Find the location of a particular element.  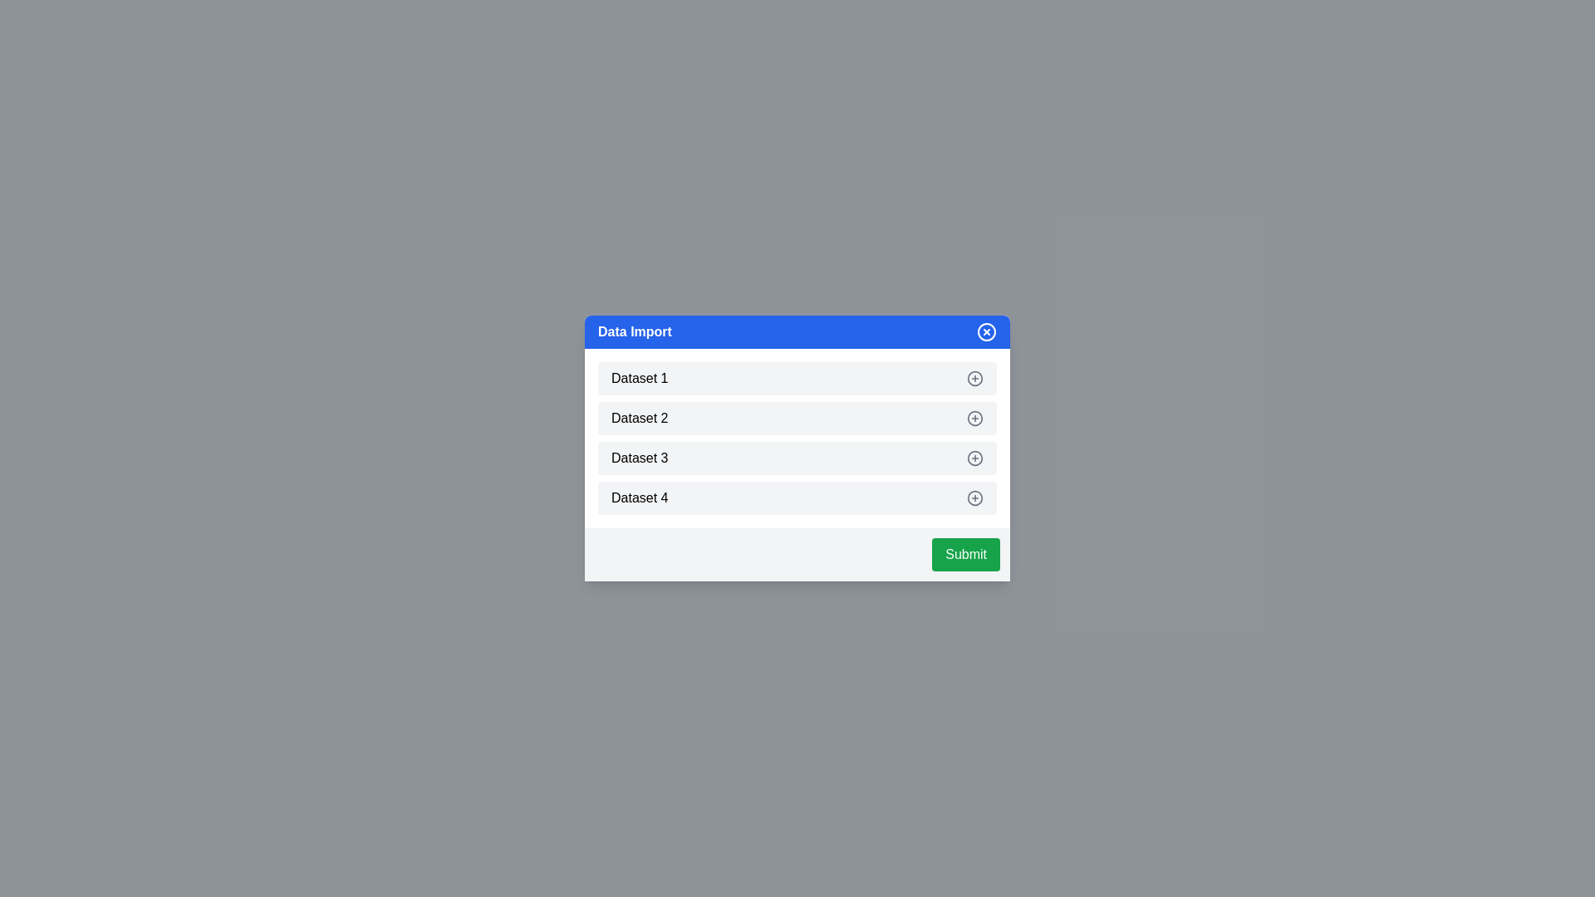

the dataset item Dataset 3 to provide visual feedback is located at coordinates (797, 458).